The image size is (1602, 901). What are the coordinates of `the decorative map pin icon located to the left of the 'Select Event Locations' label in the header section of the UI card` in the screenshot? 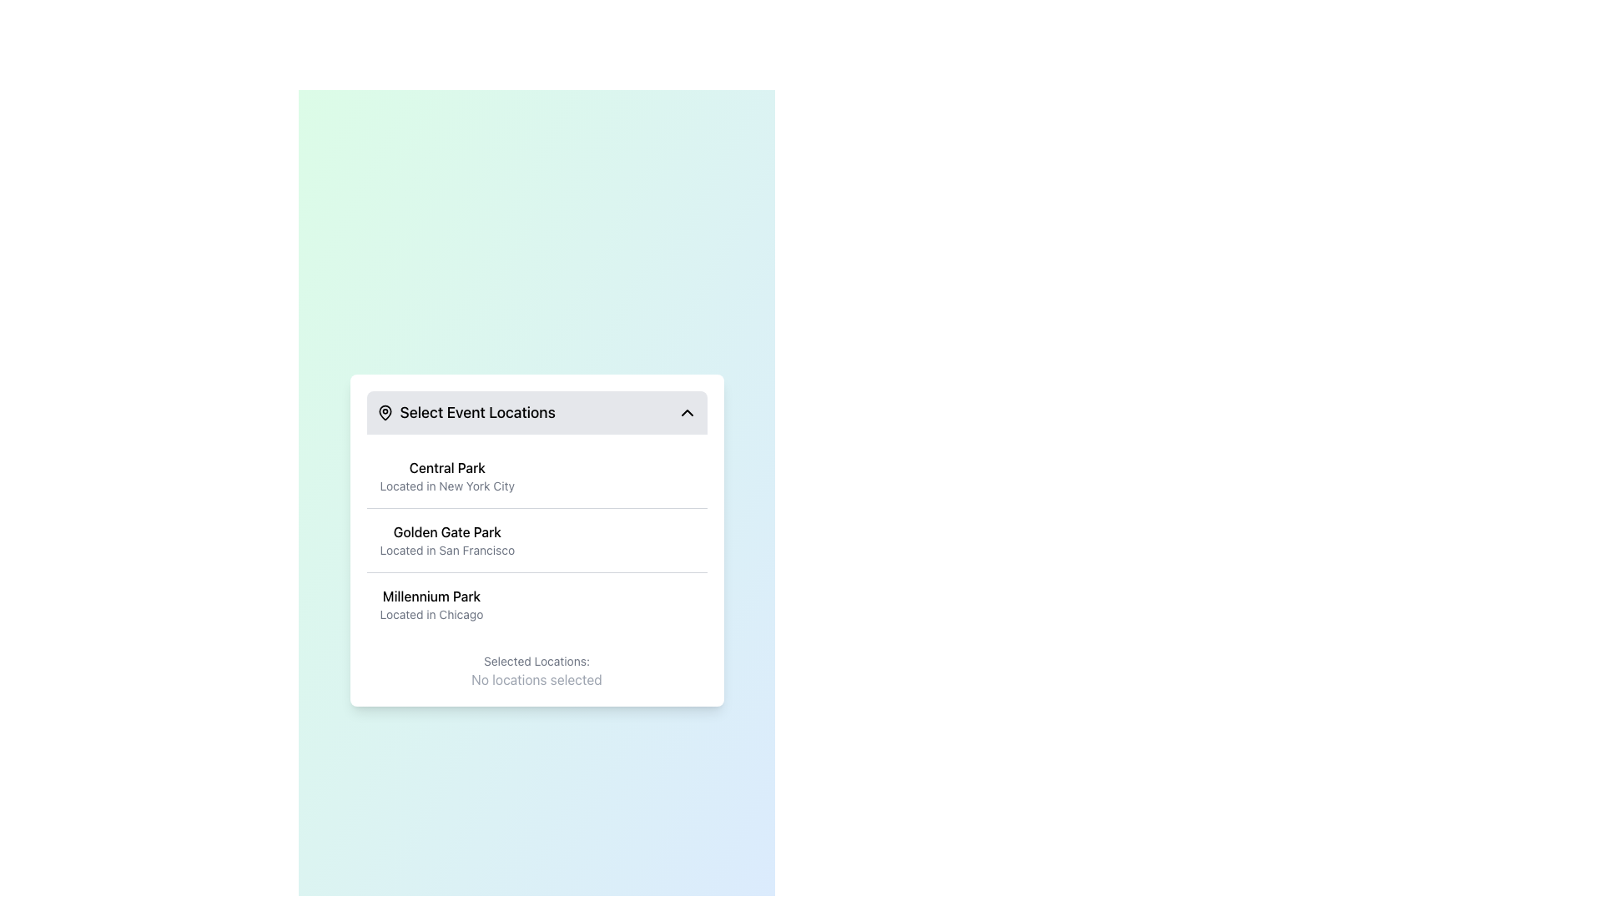 It's located at (384, 412).